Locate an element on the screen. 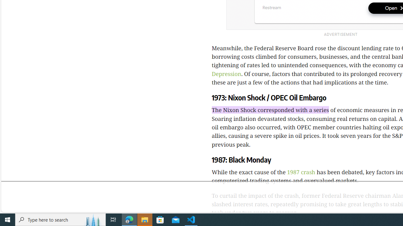  'Restream' is located at coordinates (272, 8).